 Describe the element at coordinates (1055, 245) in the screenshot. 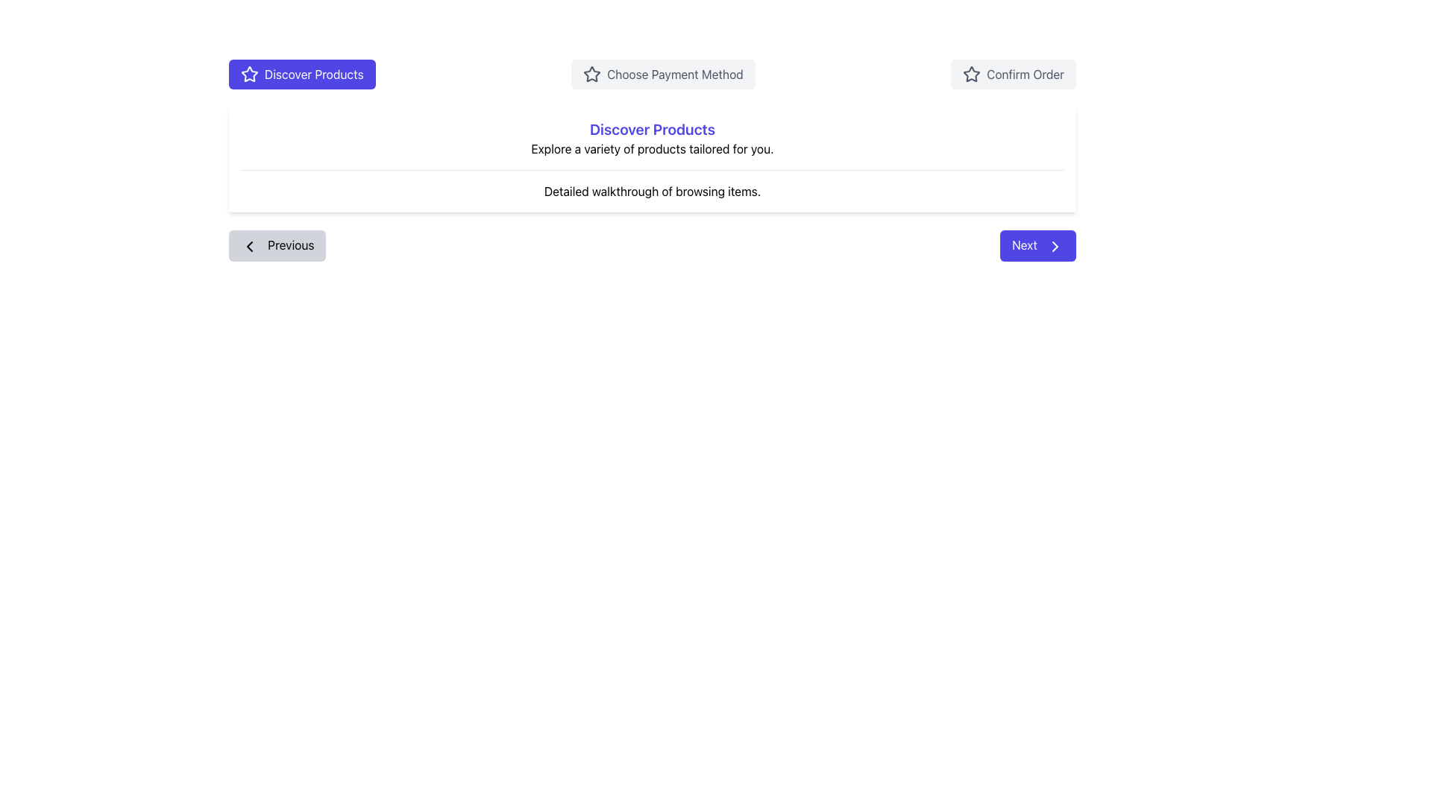

I see `the chevron icon located within the 'Next' button at the bottom-right corner of the interface to proceed to the next step or page` at that location.